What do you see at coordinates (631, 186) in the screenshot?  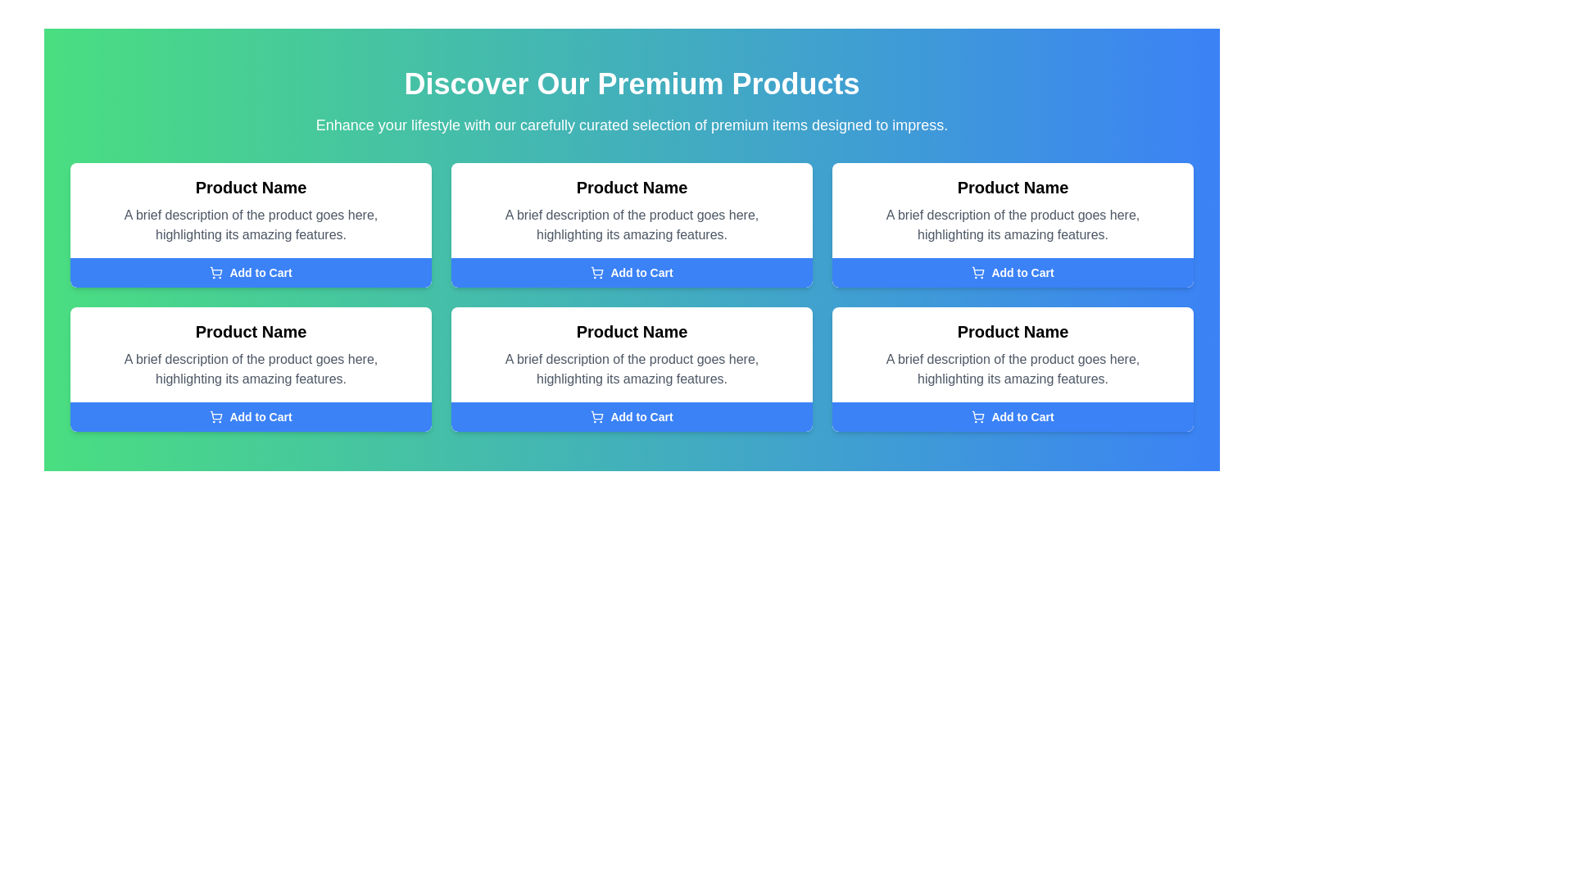 I see `the static text element that serves as the title or name identifier for a specific product, located in the second column of the first row of the product grid` at bounding box center [631, 186].